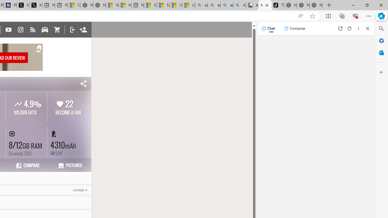 The height and width of the screenshot is (218, 388). What do you see at coordinates (381, 52) in the screenshot?
I see `'Outlook'` at bounding box center [381, 52].